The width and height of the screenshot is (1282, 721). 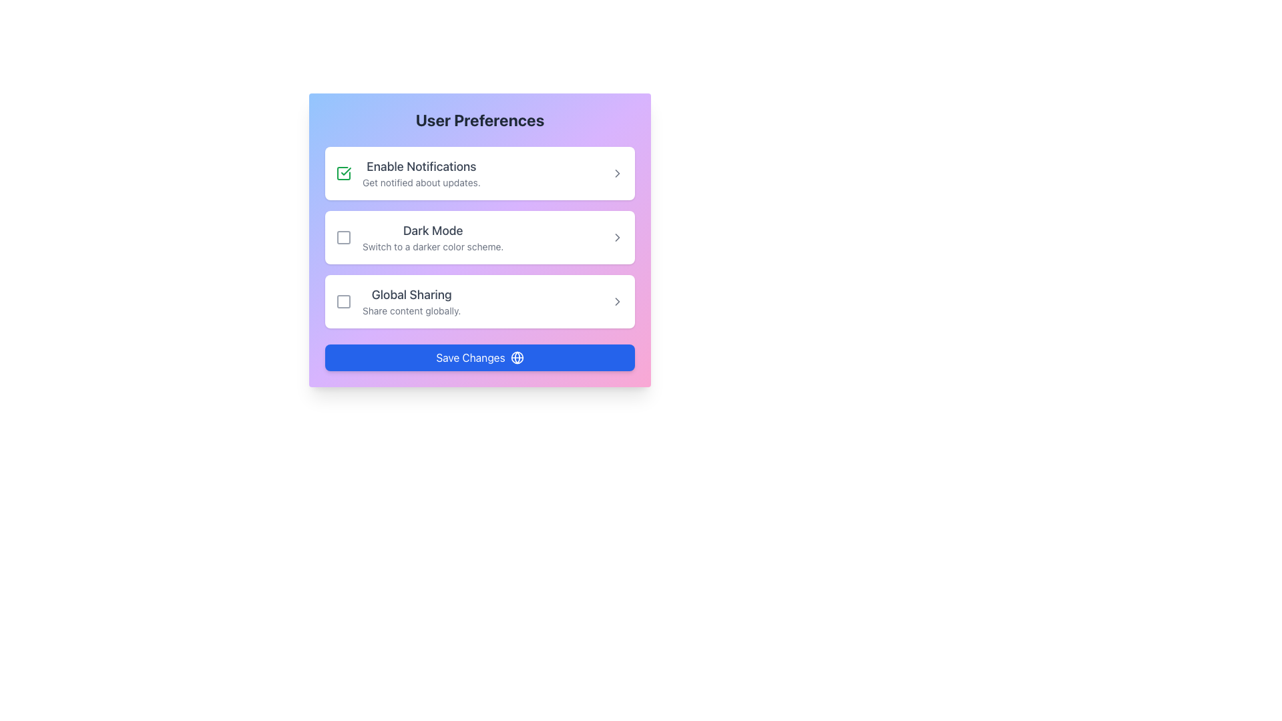 I want to click on the SVG graphical shape (rounded square) representing the 'Global Sharing' option in the preferences section to indicate its state, so click(x=343, y=301).